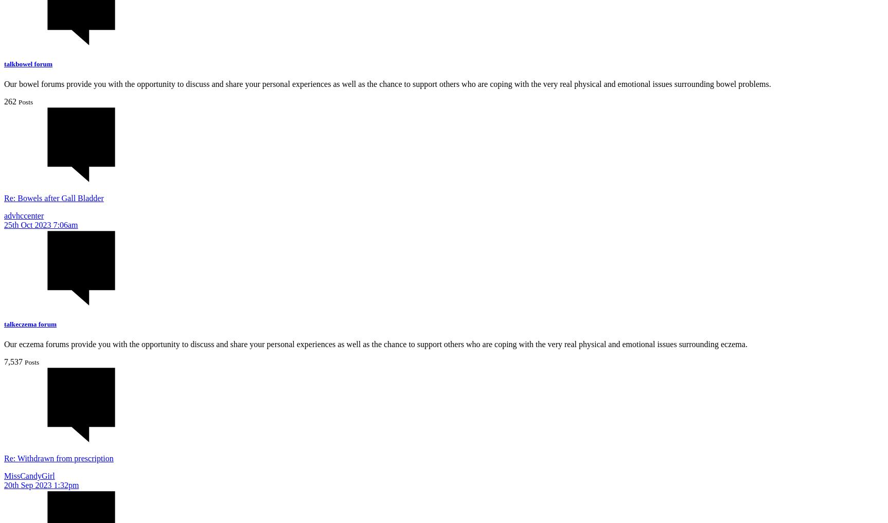  Describe the element at coordinates (41, 484) in the screenshot. I see `'20th Sep 2023 1:32pm'` at that location.